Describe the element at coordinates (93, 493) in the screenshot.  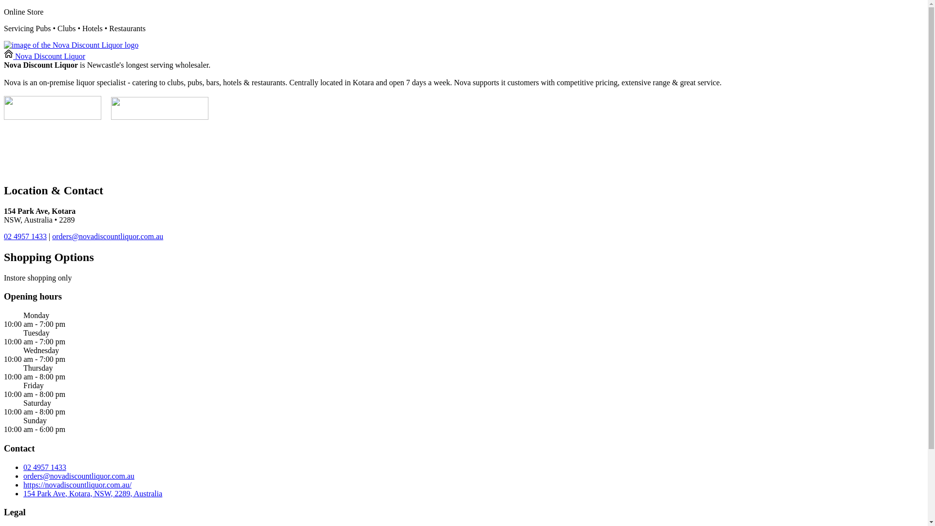
I see `'154 Park Ave, Kotara, NSW, 2289, Australia'` at that location.